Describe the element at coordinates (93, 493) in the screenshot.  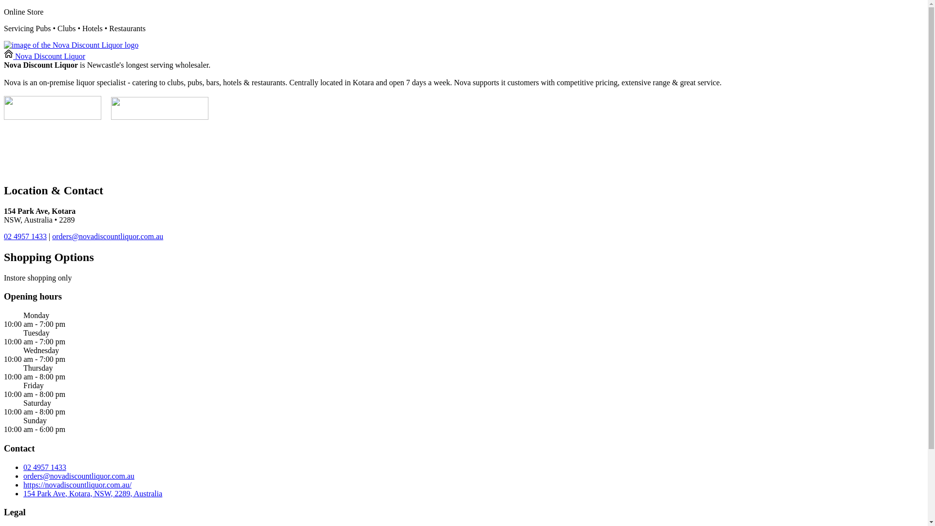
I see `'154 Park Ave, Kotara, NSW, 2289, Australia'` at that location.